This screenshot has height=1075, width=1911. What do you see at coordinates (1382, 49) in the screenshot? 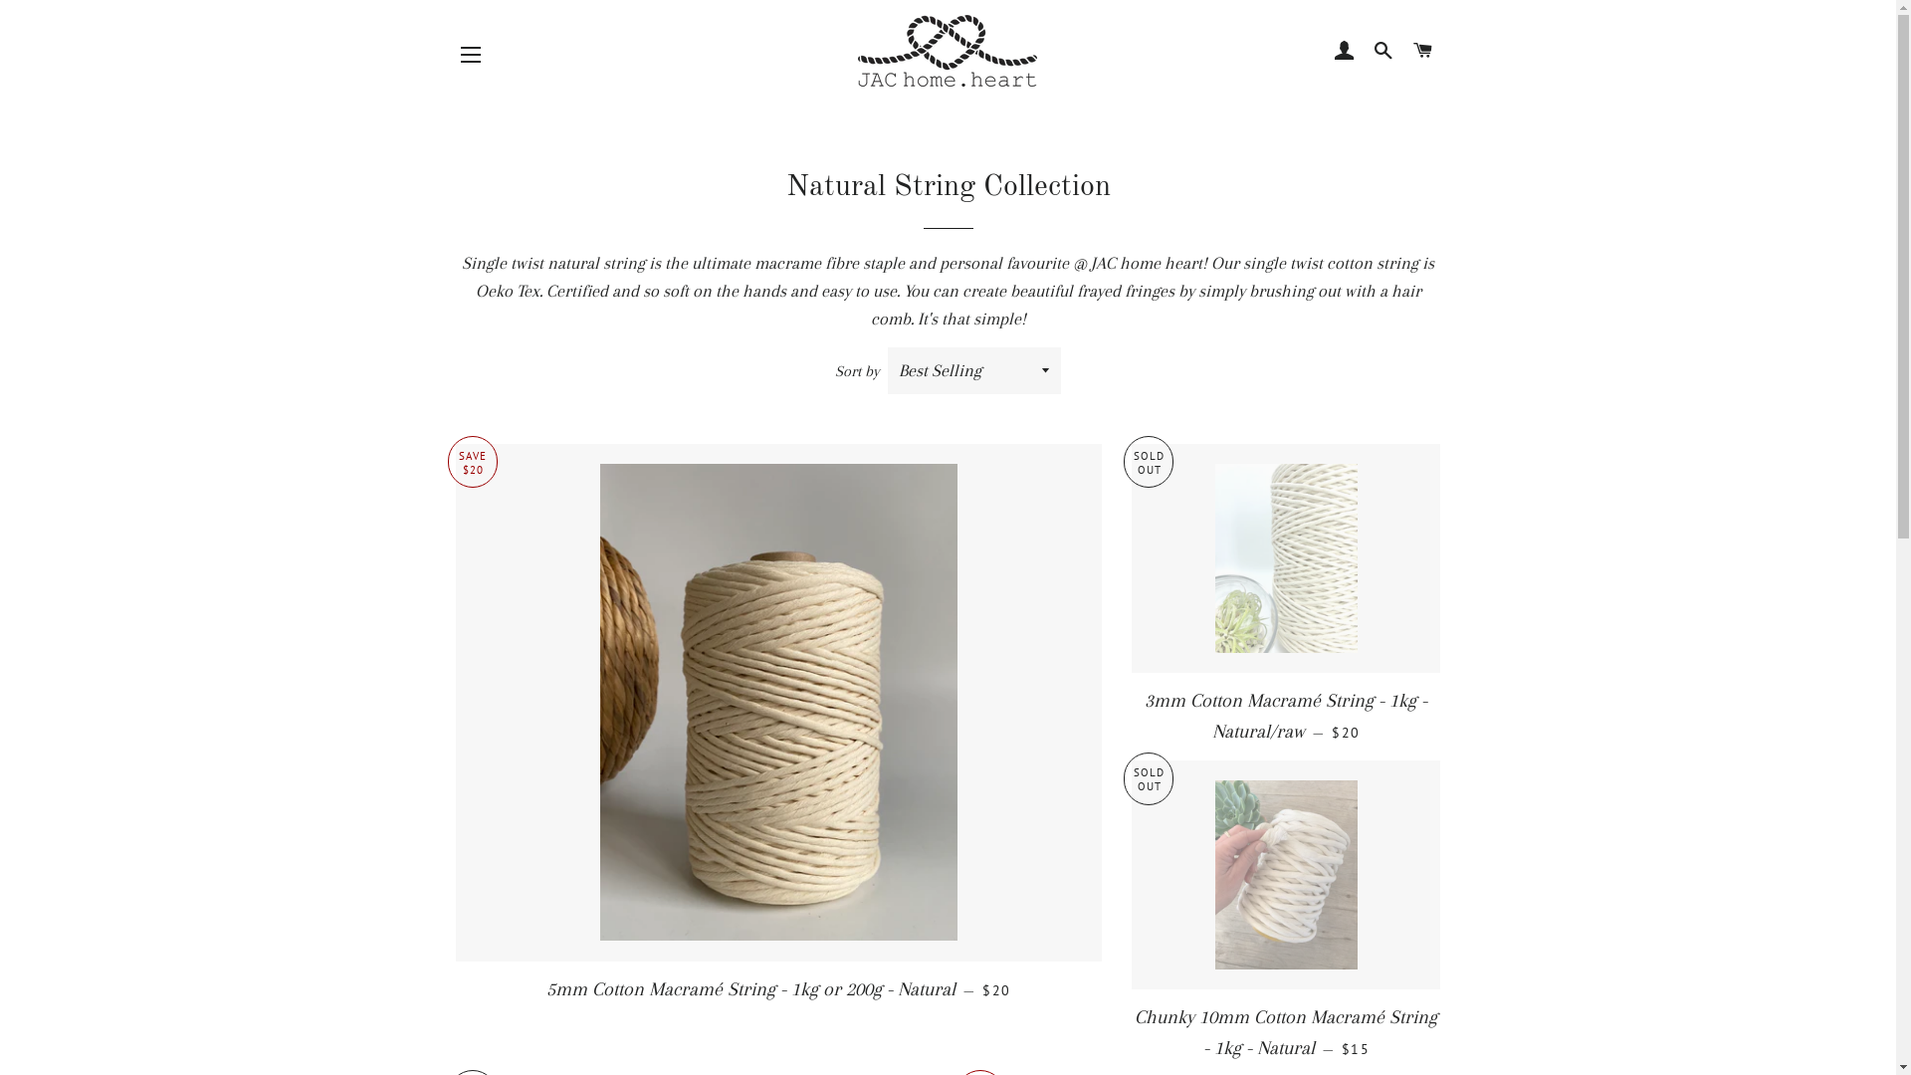
I see `'SEARCH'` at bounding box center [1382, 49].